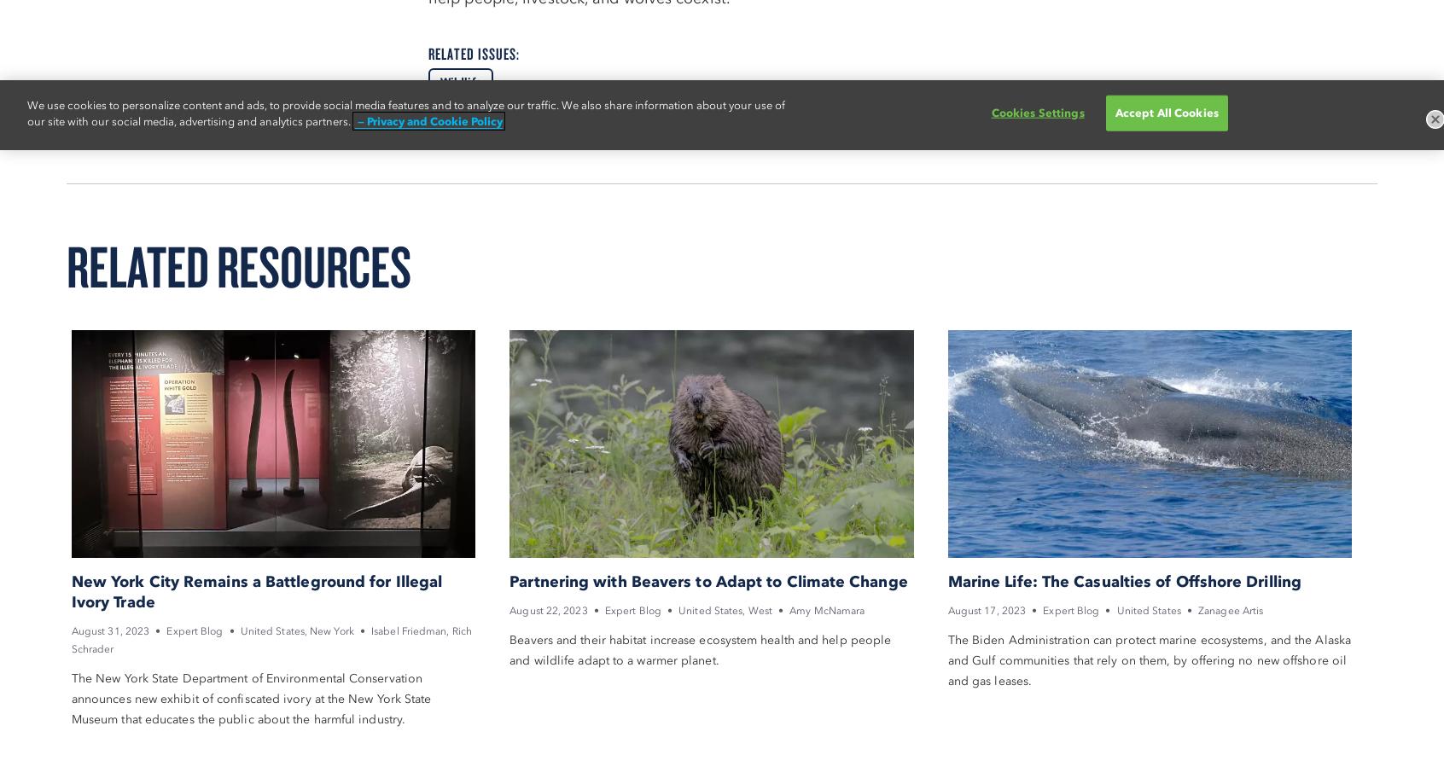 This screenshot has width=1444, height=778. Describe the element at coordinates (472, 51) in the screenshot. I see `'Related Issues'` at that location.